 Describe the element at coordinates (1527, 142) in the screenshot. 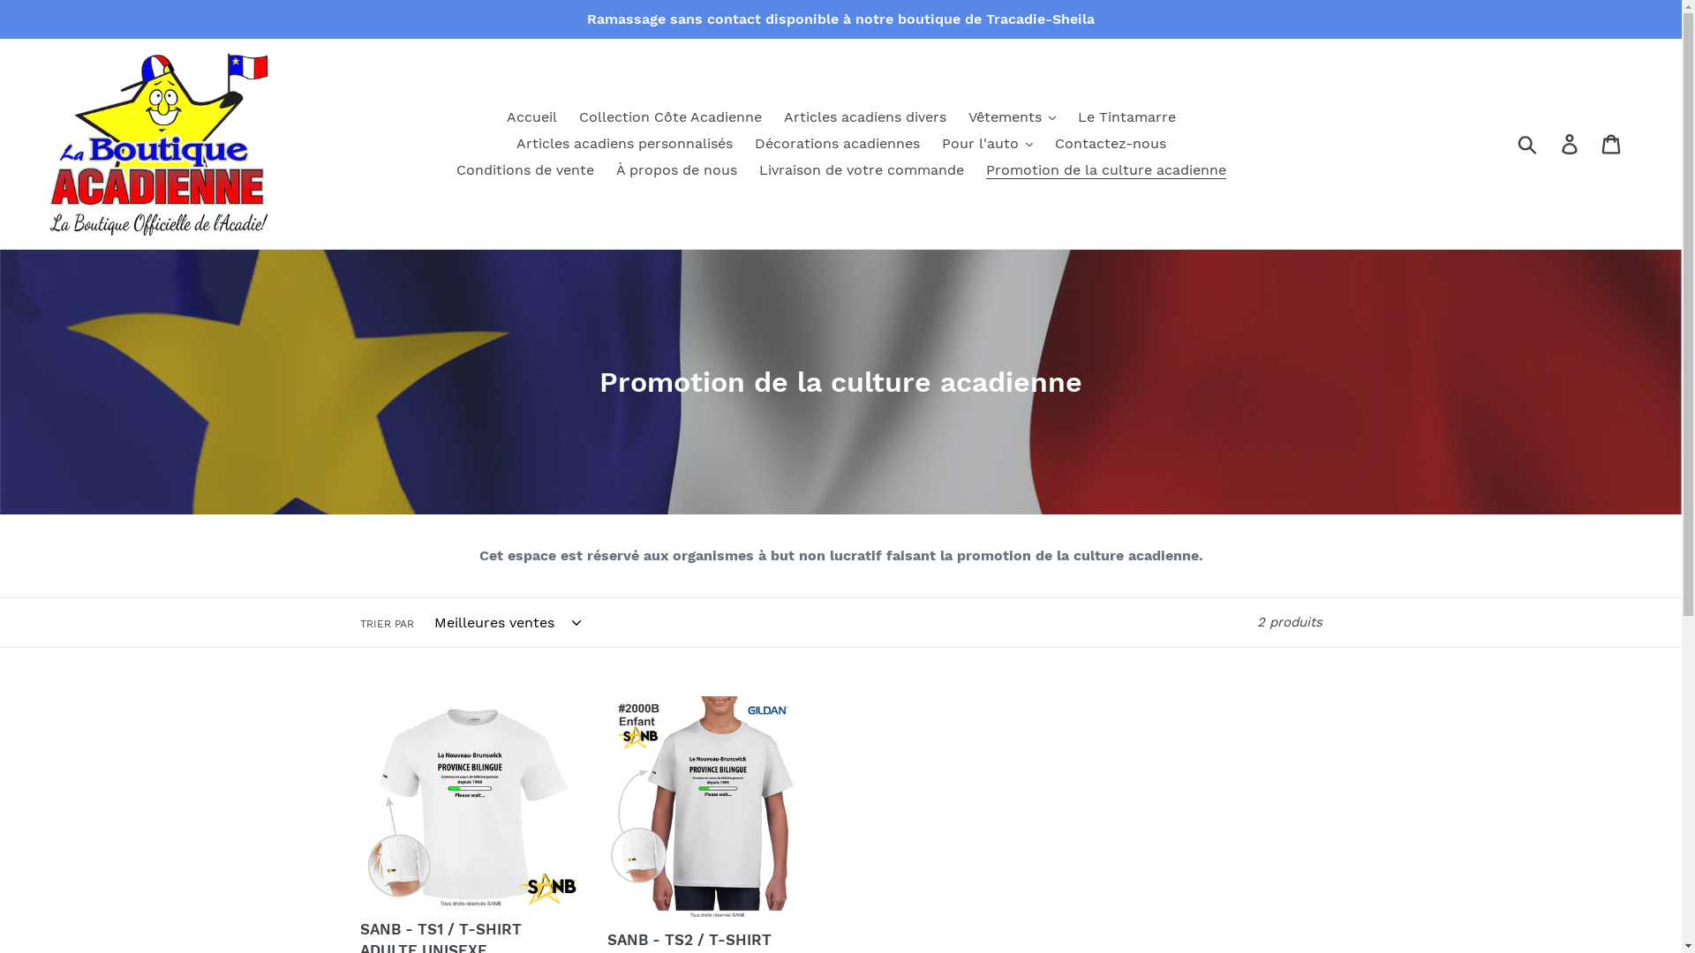

I see `'Soumettre'` at that location.